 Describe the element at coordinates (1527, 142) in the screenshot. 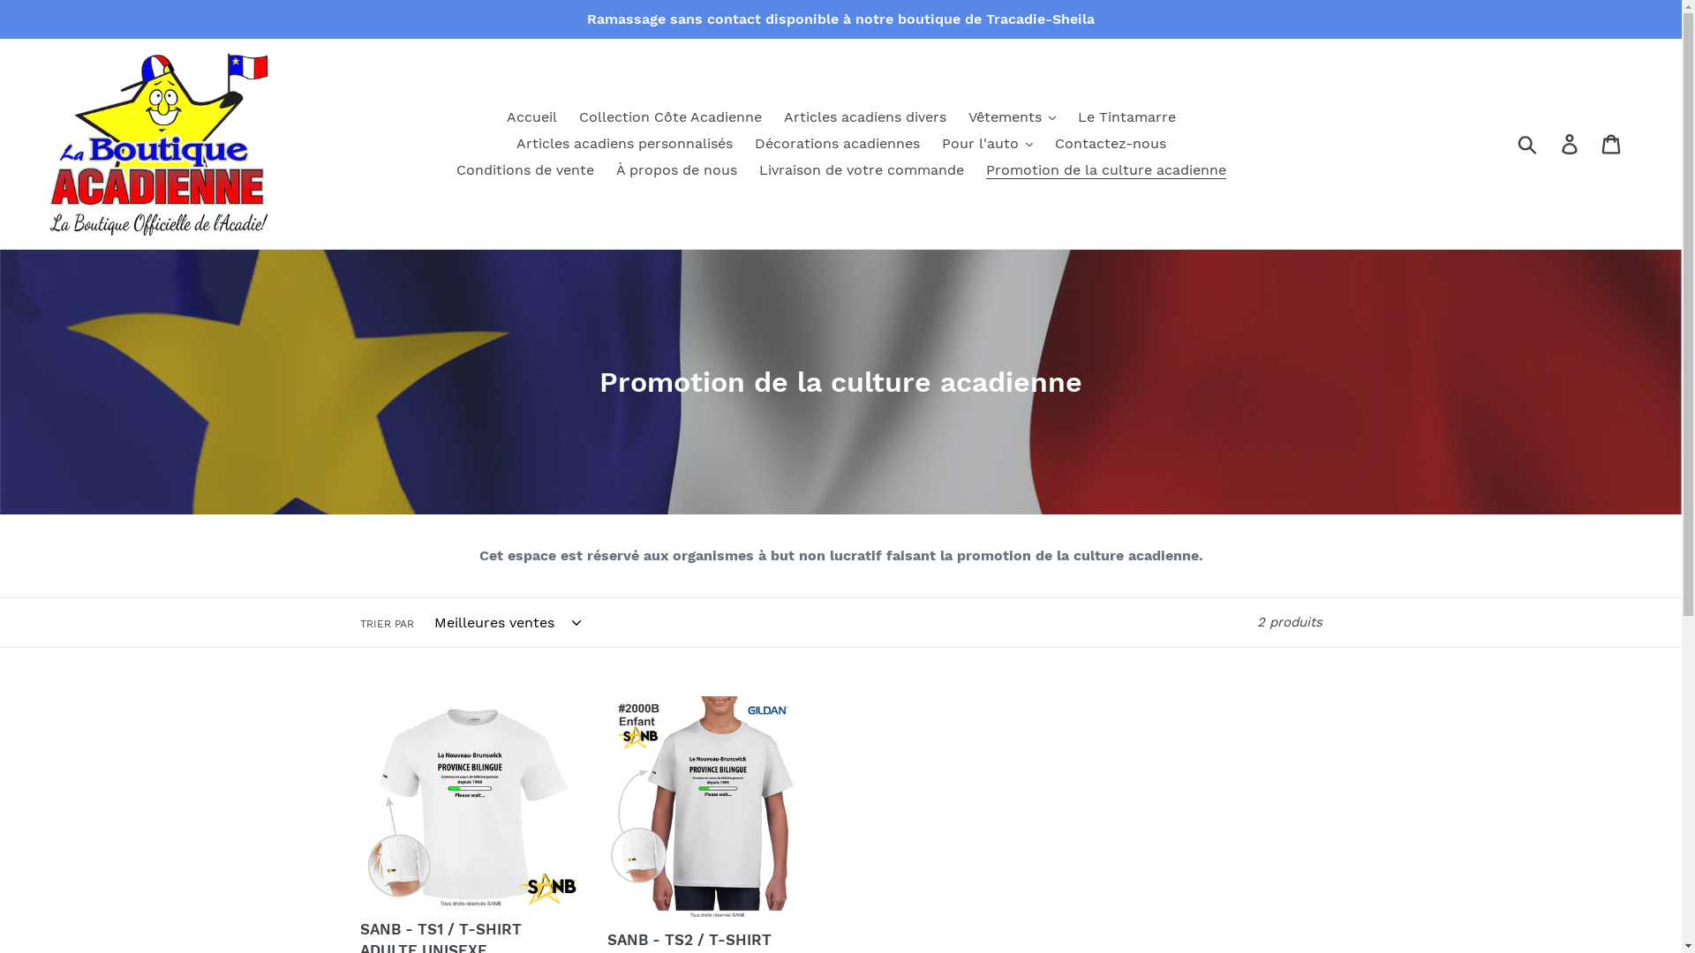

I see `'Soumettre'` at that location.